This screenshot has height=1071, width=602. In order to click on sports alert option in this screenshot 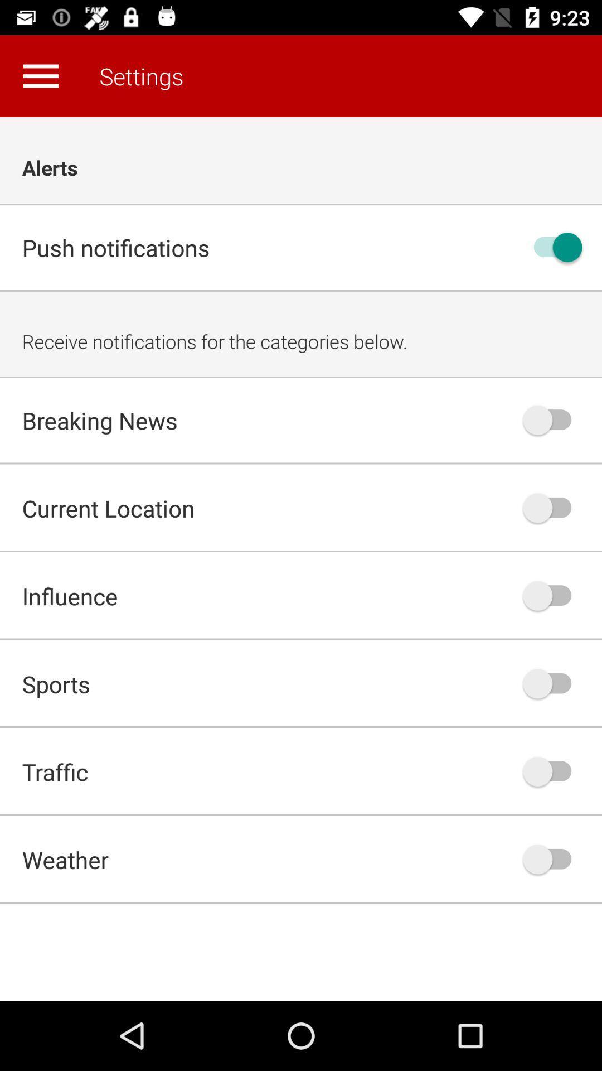, I will do `click(552, 683)`.